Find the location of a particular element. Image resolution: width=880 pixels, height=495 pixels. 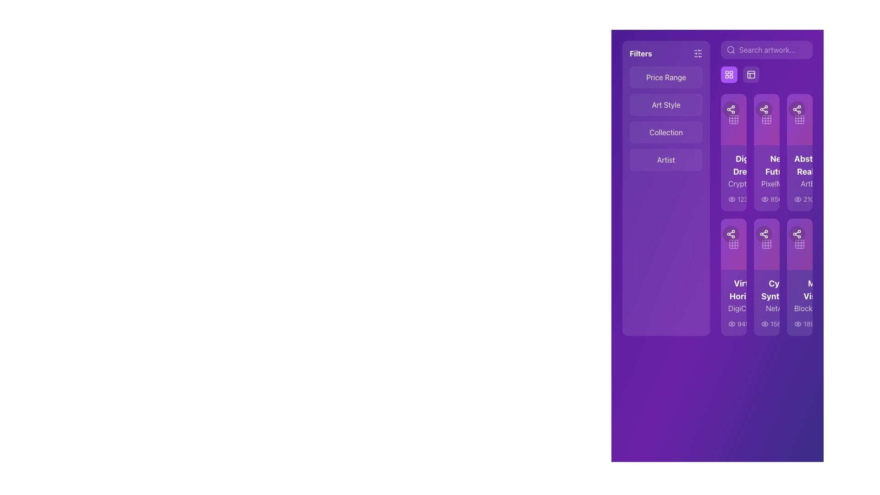

the small rectangular grid icon with rounded corners located in the top-right quadrant of the layout panel header is located at coordinates (751, 74).